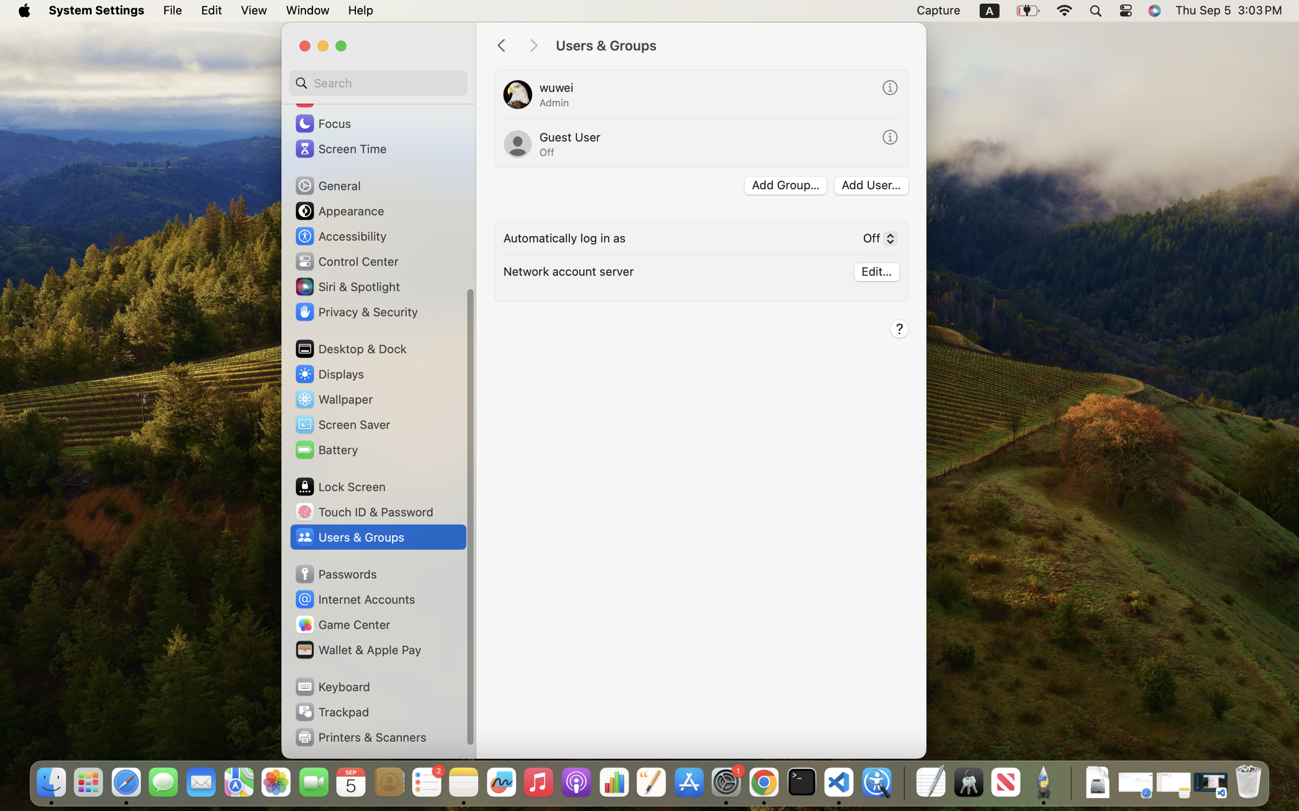 The height and width of the screenshot is (811, 1299). What do you see at coordinates (876, 240) in the screenshot?
I see `'Off'` at bounding box center [876, 240].